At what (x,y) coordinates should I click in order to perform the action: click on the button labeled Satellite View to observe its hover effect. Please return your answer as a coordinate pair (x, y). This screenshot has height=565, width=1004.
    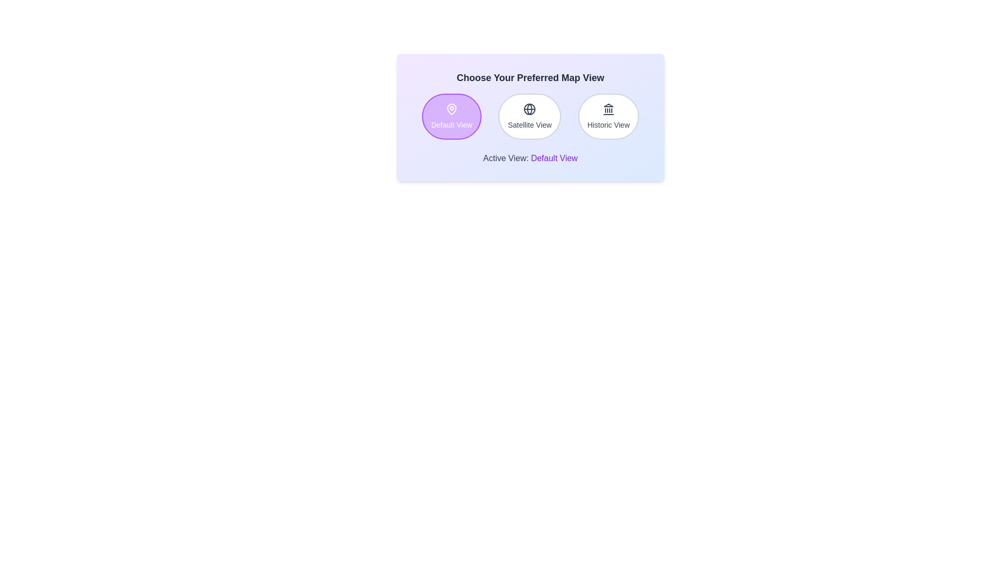
    Looking at the image, I should click on (530, 117).